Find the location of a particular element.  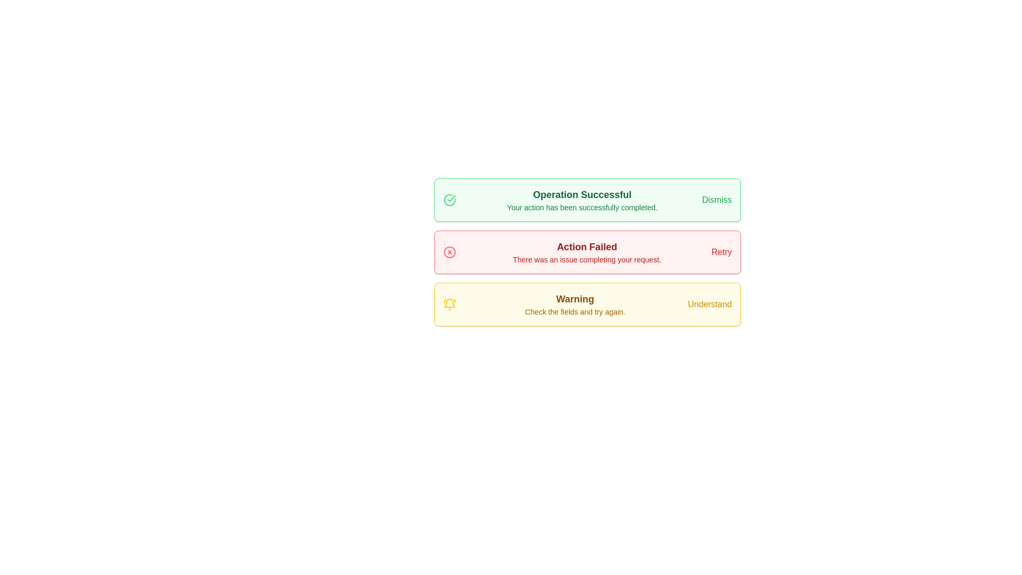

the Notification banner that features a yellow bell icon, bold 'Warning' text, a smaller 'Check the fields and try again.' subtitle, and an interactive 'Understand' link, located at the bottom of the notifications is located at coordinates (587, 304).